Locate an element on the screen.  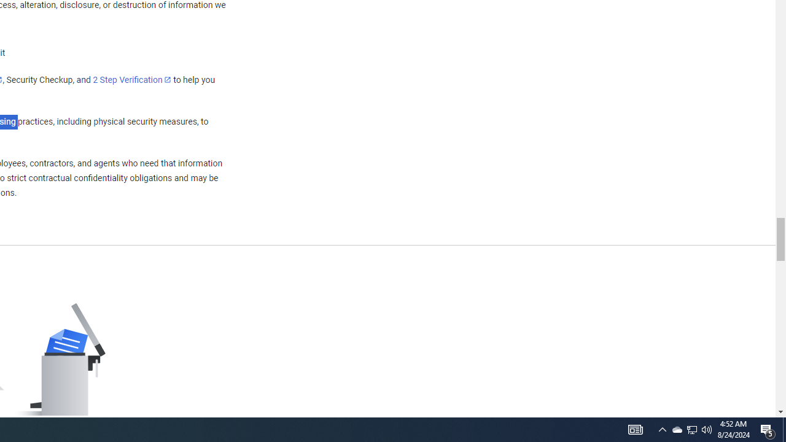
'2 Step Verification' is located at coordinates (132, 79).